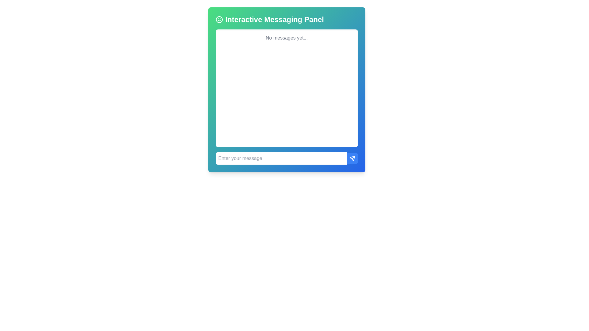 The height and width of the screenshot is (331, 589). What do you see at coordinates (286, 38) in the screenshot?
I see `the Static Text Label that indicates there are no messages available in the messaging panel` at bounding box center [286, 38].